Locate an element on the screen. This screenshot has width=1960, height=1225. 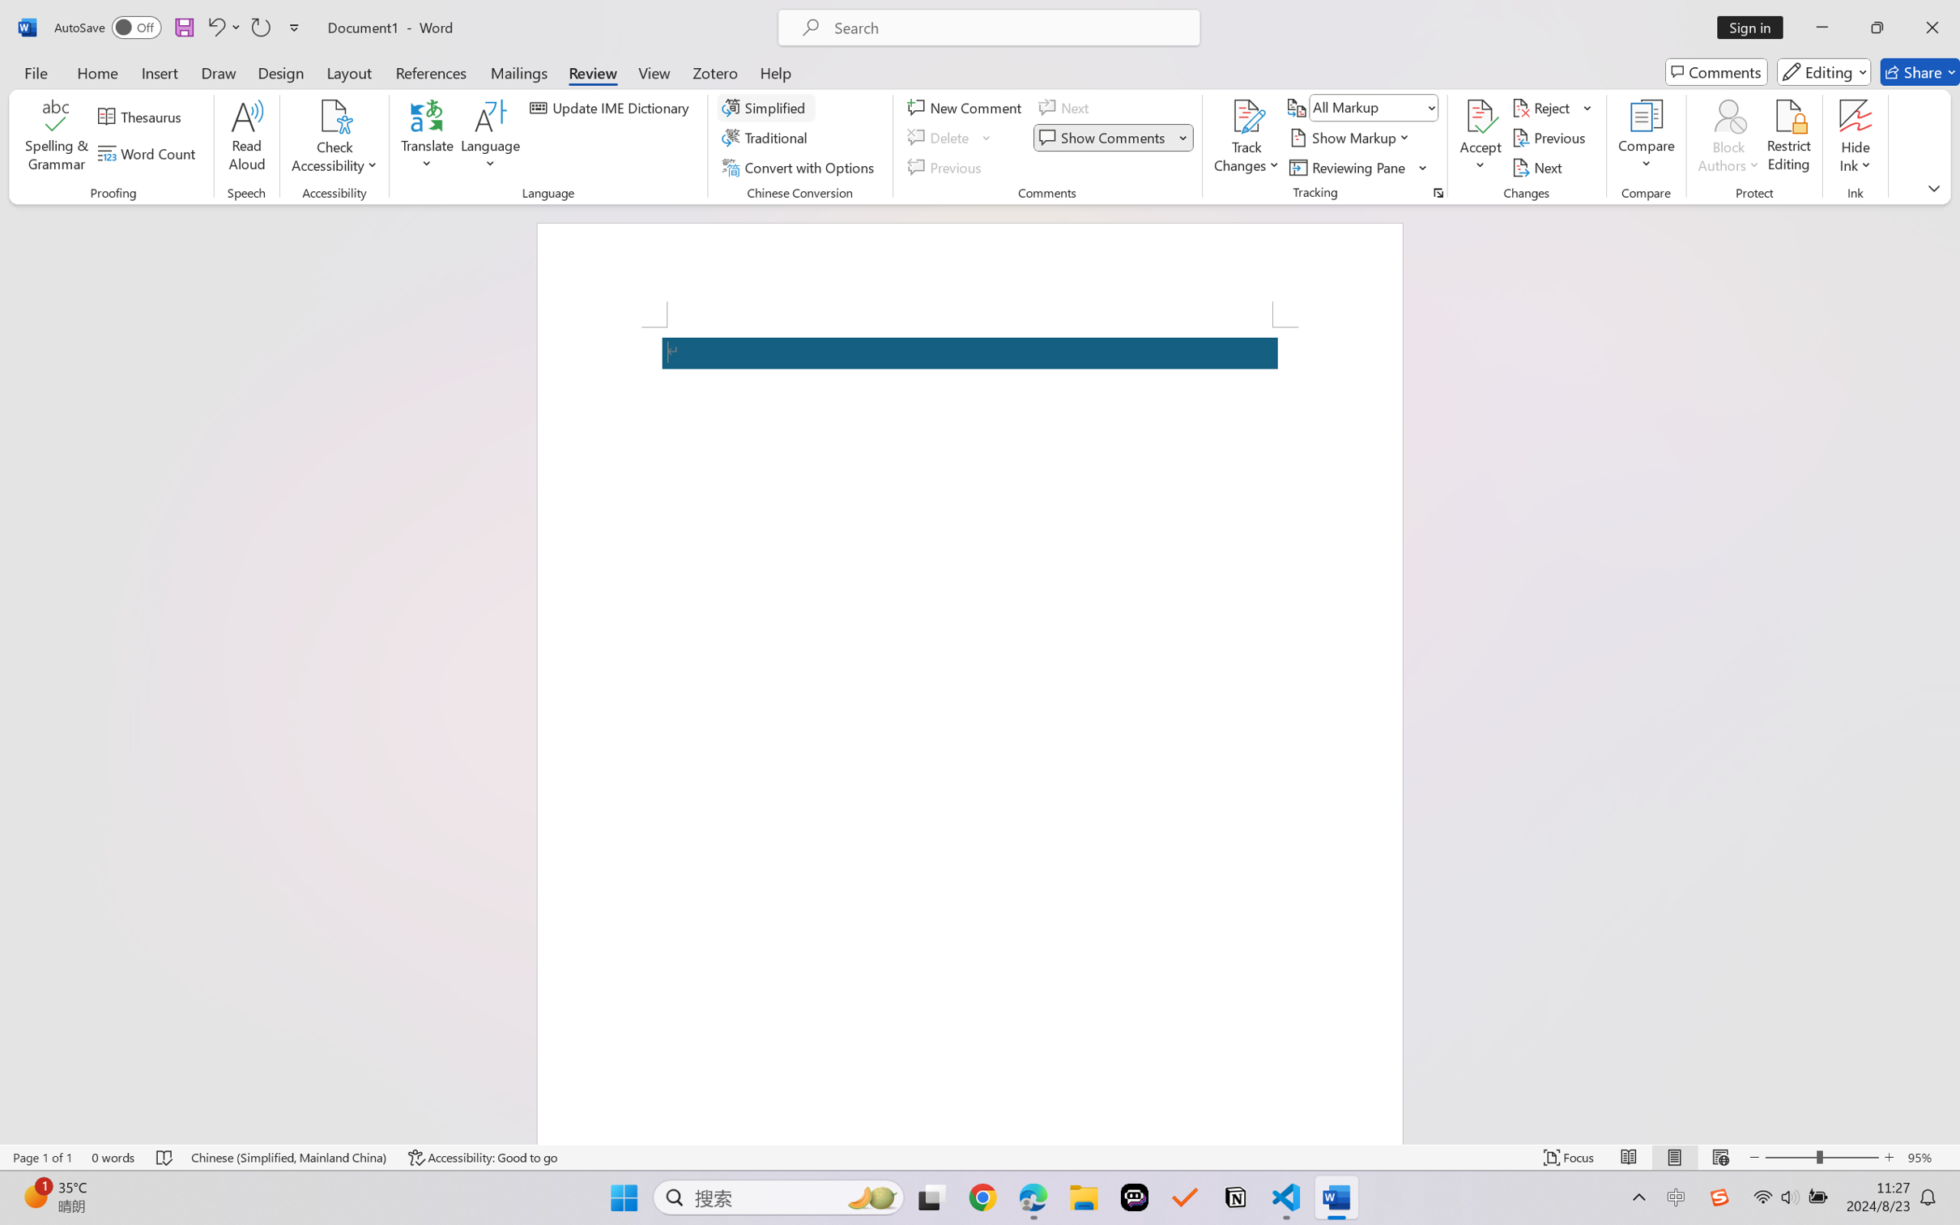
'Read Aloud' is located at coordinates (245, 138).